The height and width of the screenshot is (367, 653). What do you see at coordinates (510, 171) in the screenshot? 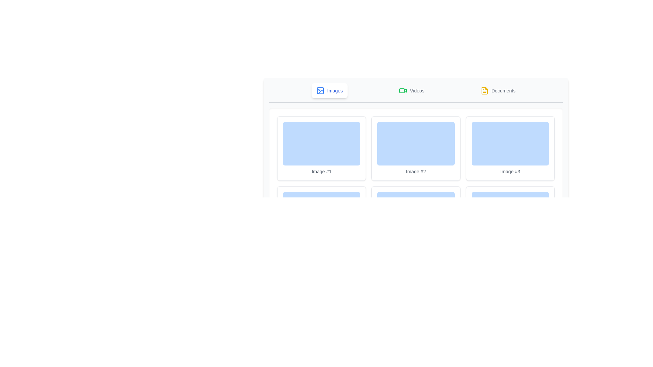
I see `the Text Label located below the light blue rectangular image placeholder, which serves to describe the image above it` at bounding box center [510, 171].